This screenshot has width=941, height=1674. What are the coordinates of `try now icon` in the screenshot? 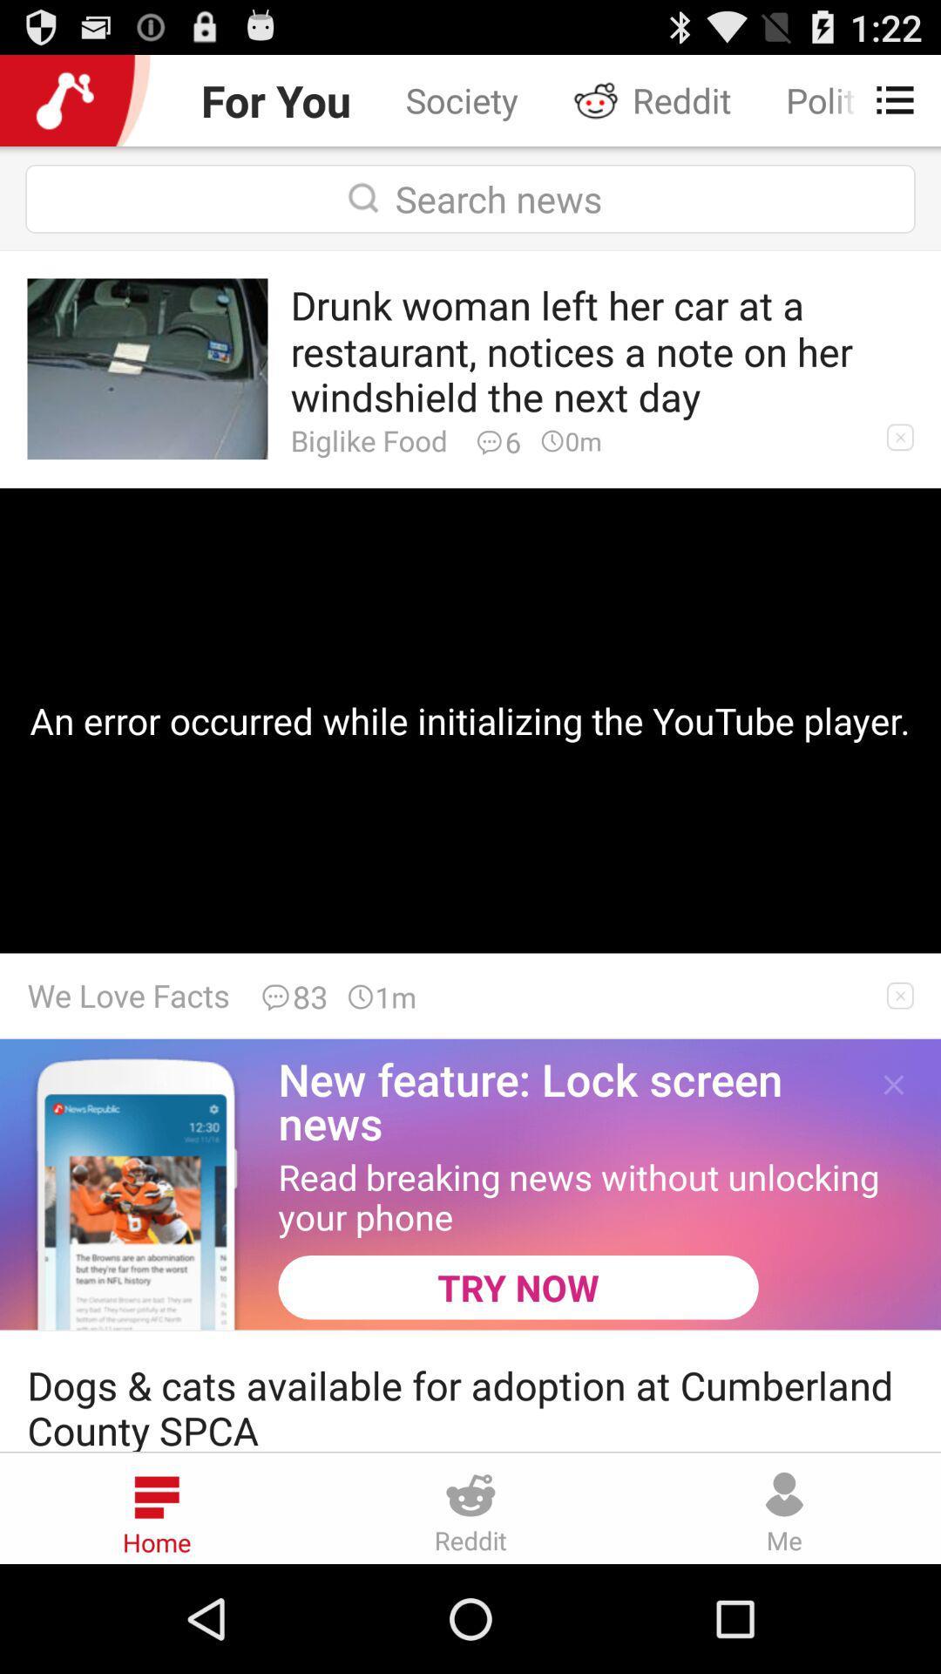 It's located at (518, 1287).